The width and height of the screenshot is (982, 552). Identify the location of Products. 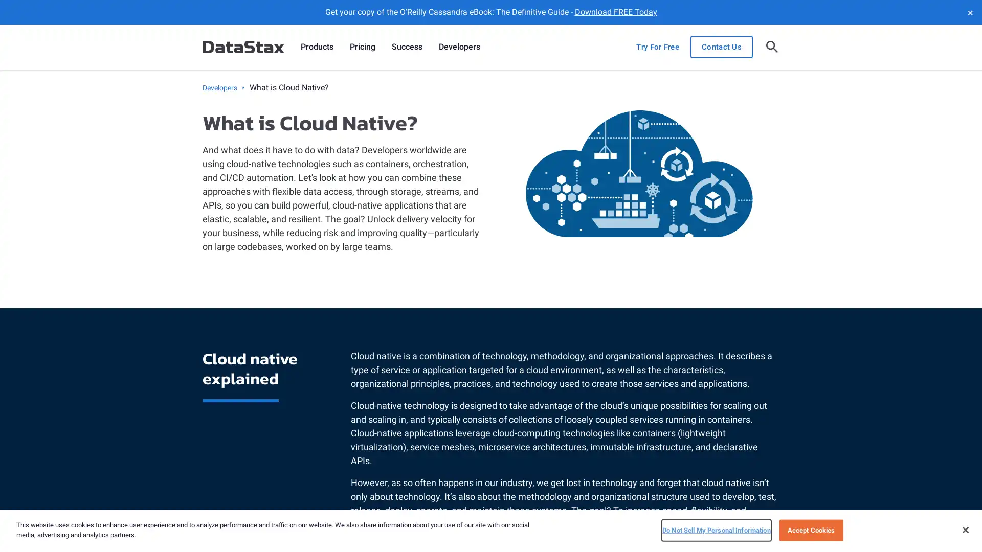
(316, 47).